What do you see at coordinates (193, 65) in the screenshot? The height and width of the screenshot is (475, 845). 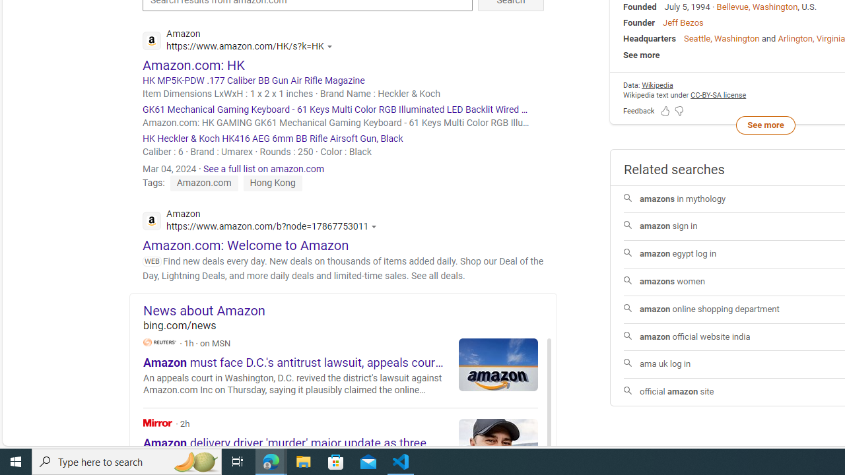 I see `'Amazon.com: HK'` at bounding box center [193, 65].